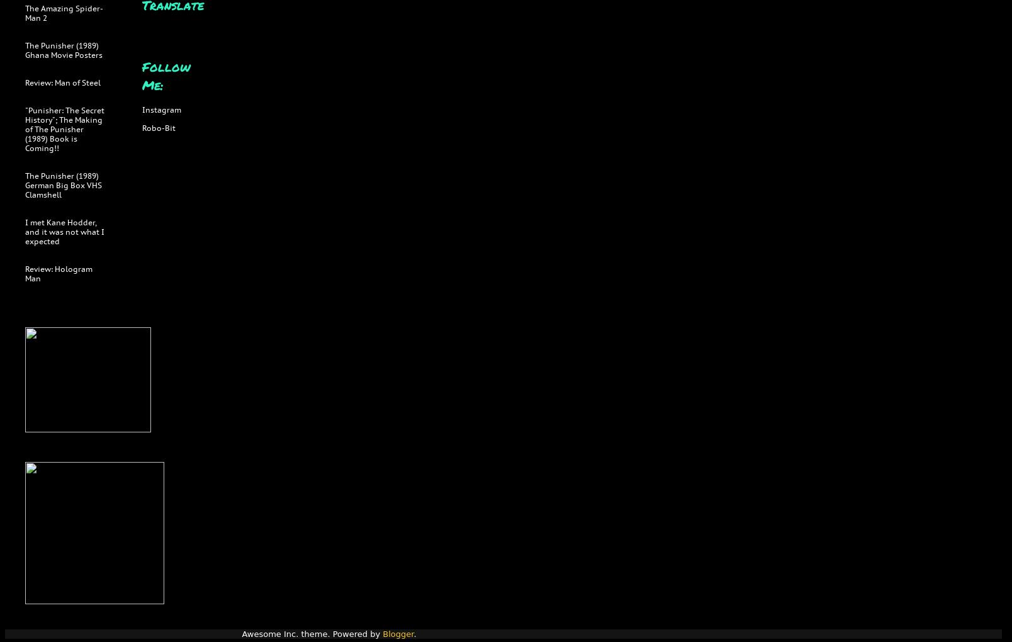  Describe the element at coordinates (63, 184) in the screenshot. I see `'The Punisher (1989) German Big Box VHS Clamshell'` at that location.